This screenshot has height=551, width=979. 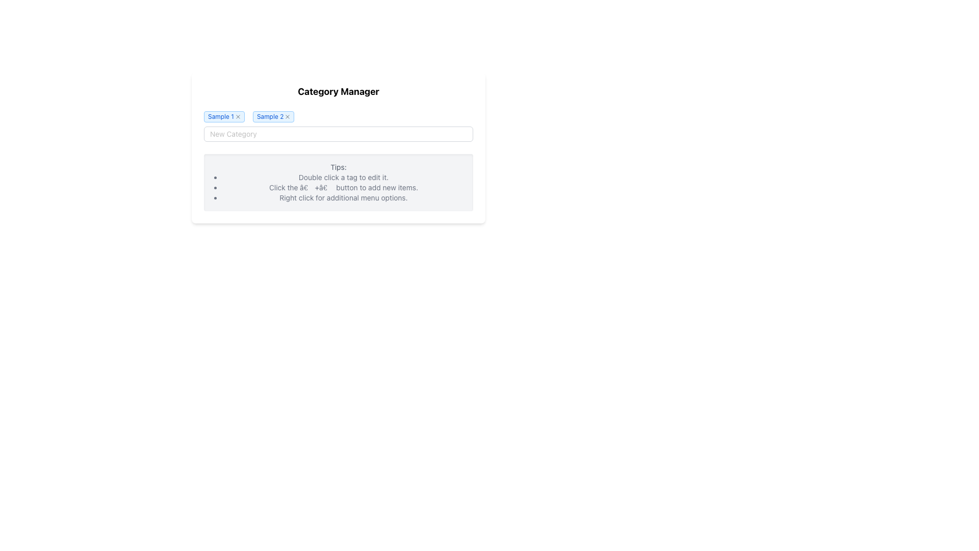 What do you see at coordinates (273, 116) in the screenshot?
I see `the second tag with a close button, located` at bounding box center [273, 116].